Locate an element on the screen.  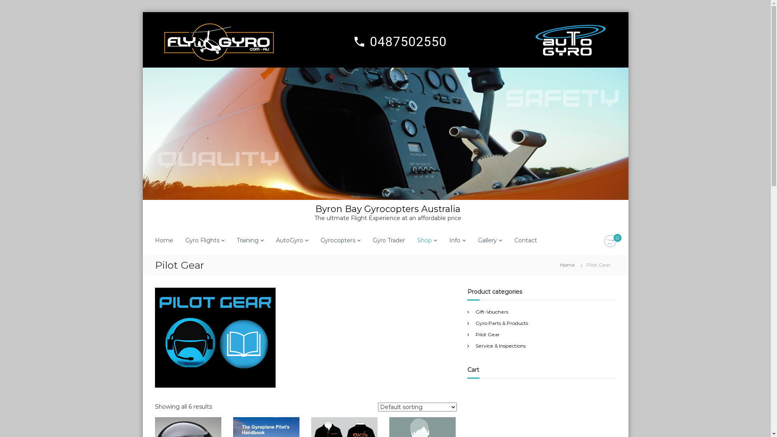
'local_phone 0487502550' is located at coordinates (399, 42).